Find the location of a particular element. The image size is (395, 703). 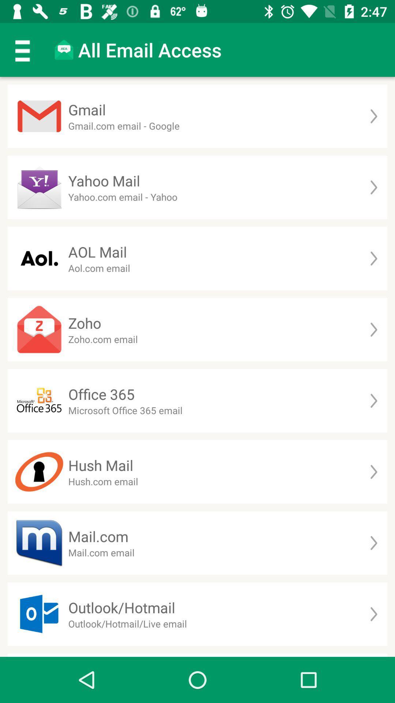

the aol mail item is located at coordinates (97, 252).